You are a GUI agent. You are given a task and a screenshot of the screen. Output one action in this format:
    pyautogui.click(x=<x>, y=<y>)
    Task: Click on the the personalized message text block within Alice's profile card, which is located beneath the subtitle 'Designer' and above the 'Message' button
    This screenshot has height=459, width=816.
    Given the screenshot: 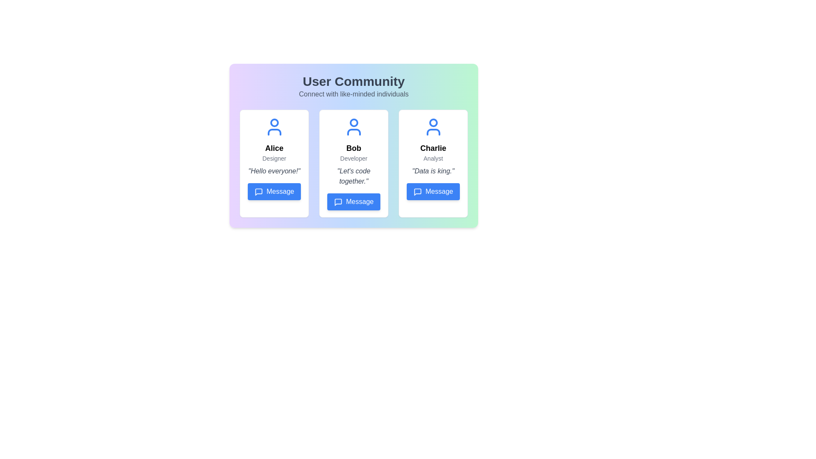 What is the action you would take?
    pyautogui.click(x=274, y=171)
    